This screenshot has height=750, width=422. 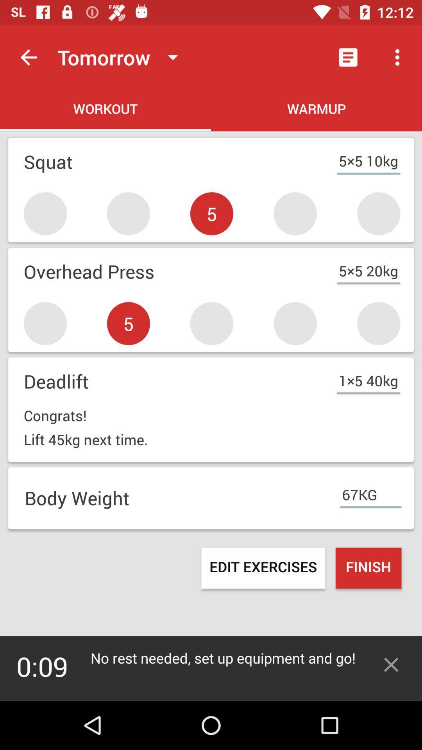 What do you see at coordinates (391, 664) in the screenshot?
I see `the close icon` at bounding box center [391, 664].